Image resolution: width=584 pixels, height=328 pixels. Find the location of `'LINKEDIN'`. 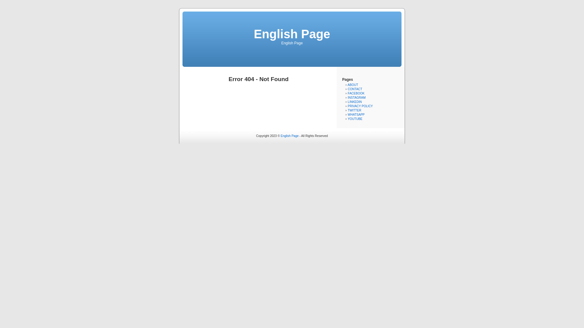

'LINKEDIN' is located at coordinates (355, 101).